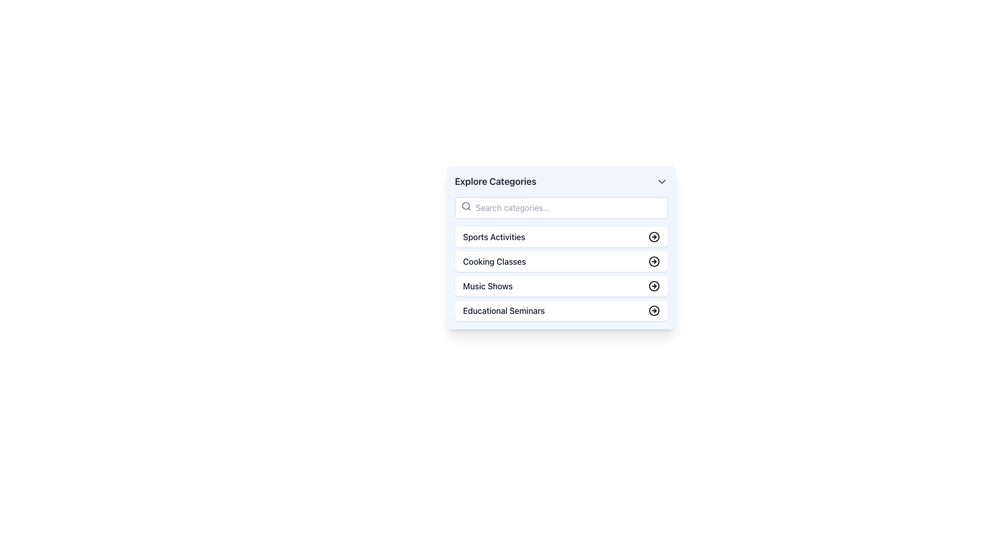  I want to click on the navigational icon button for 'Educational Seminars' to enable accessibility navigation, so click(653, 310).